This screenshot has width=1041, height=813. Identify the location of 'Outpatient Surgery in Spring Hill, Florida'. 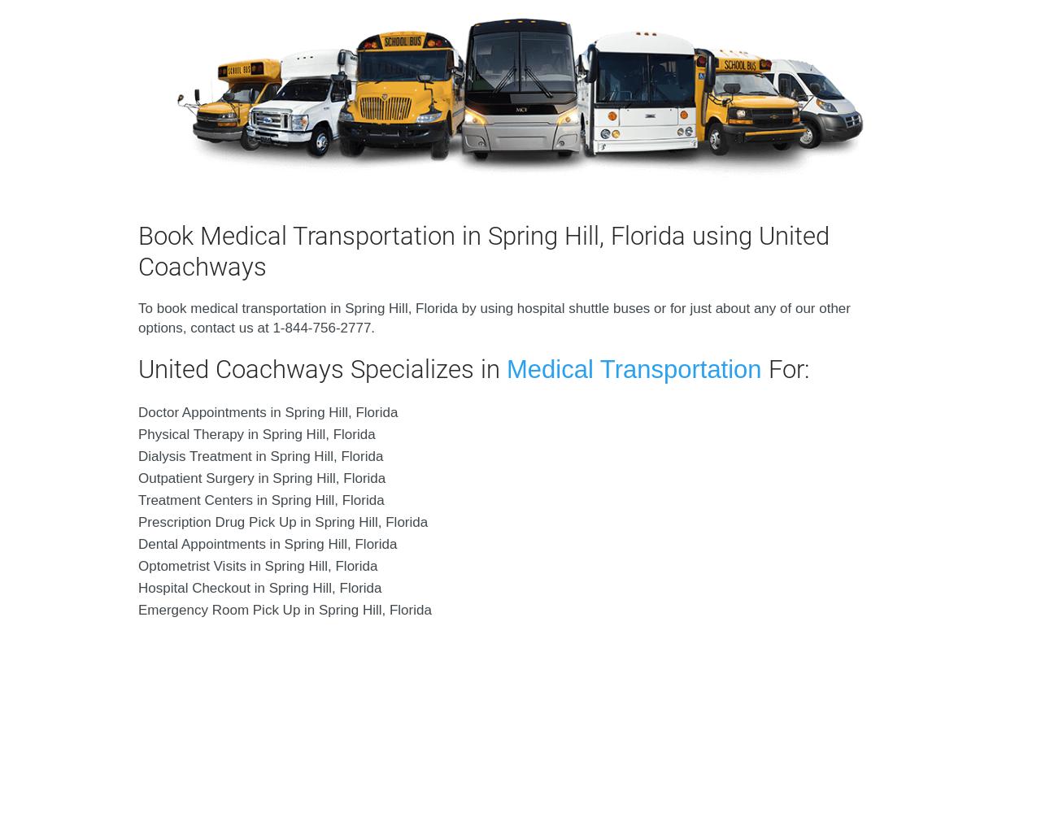
(262, 477).